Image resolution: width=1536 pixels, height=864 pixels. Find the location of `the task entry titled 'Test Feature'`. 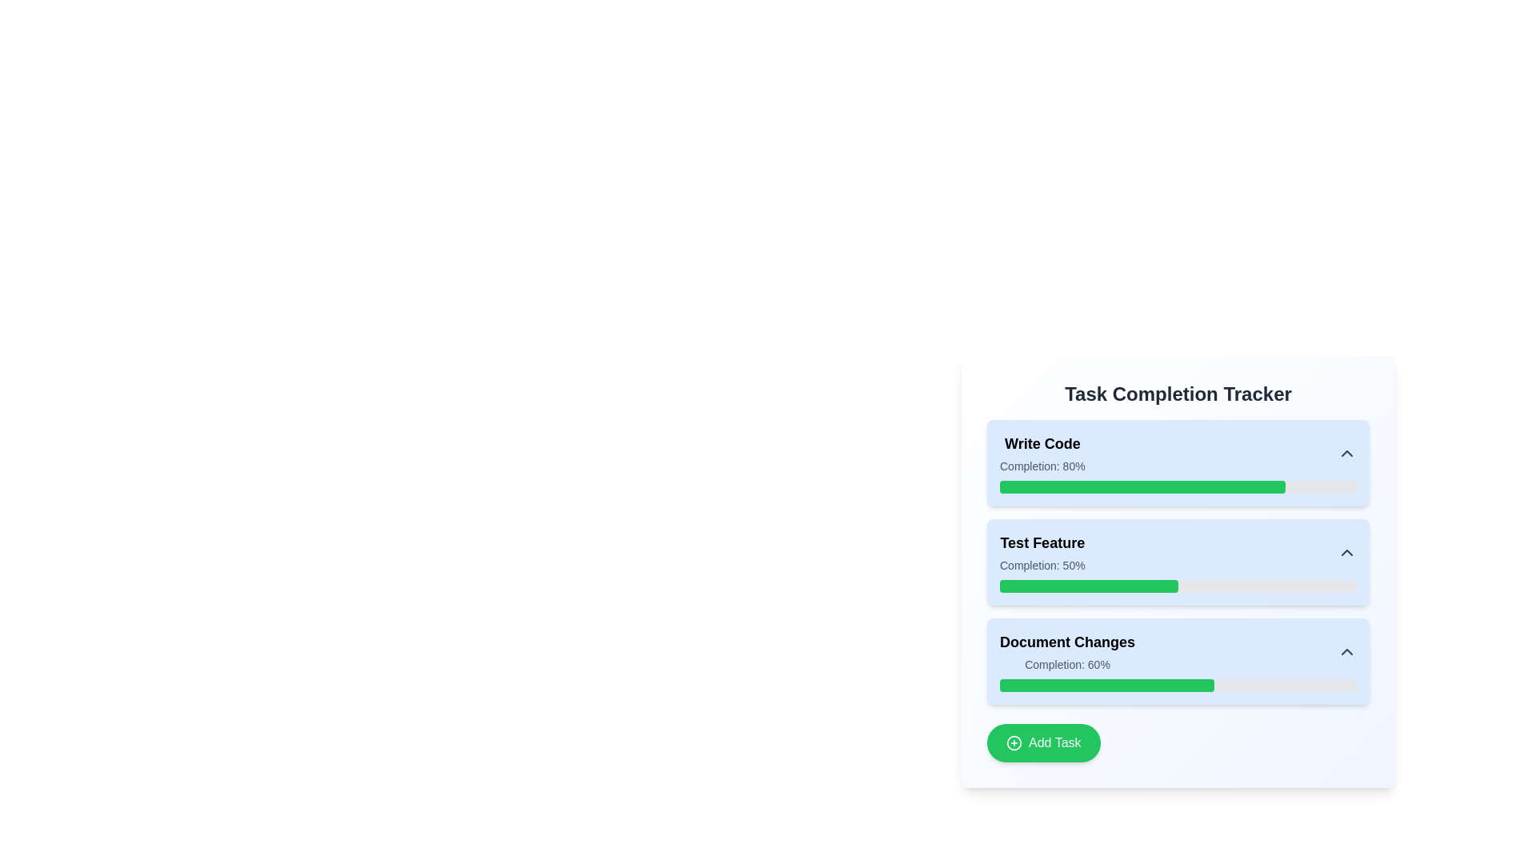

the task entry titled 'Test Feature' is located at coordinates (1178, 551).